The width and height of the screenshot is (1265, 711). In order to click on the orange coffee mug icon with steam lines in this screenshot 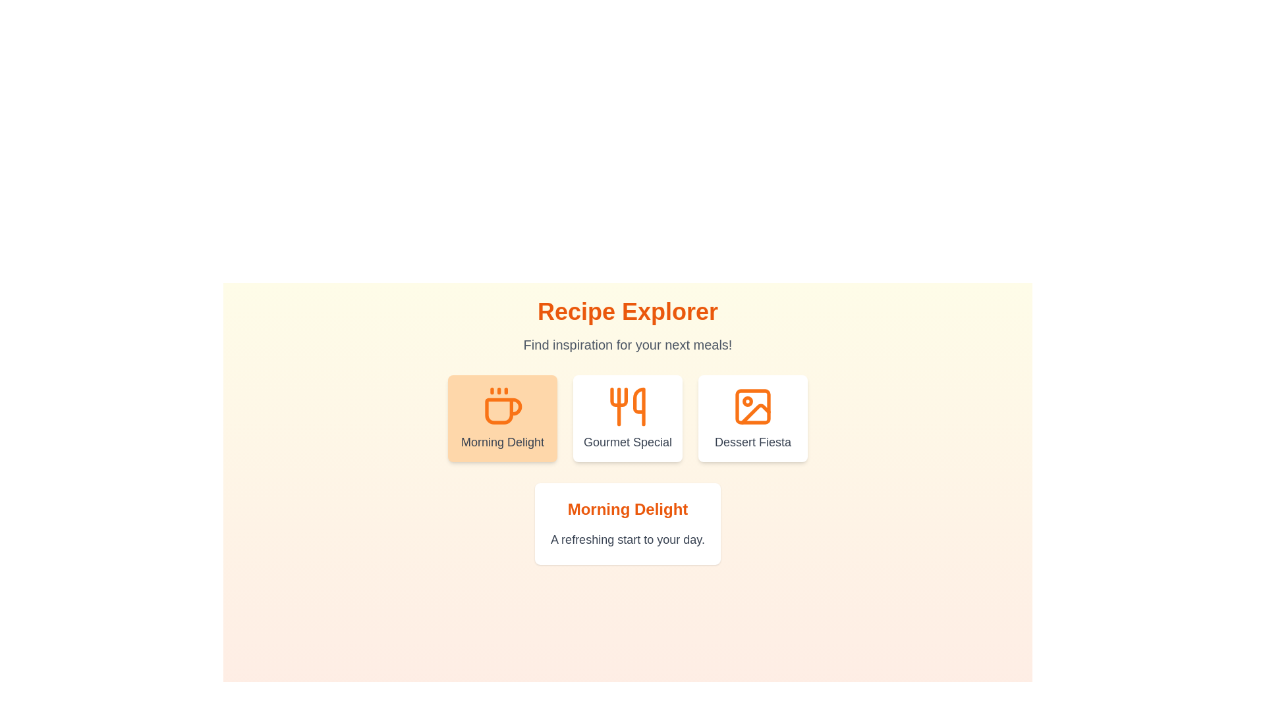, I will do `click(502, 406)`.